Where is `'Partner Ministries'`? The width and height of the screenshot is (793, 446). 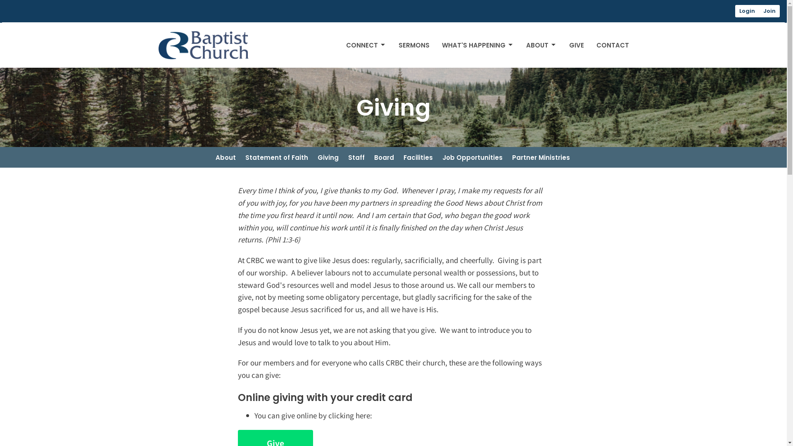 'Partner Ministries' is located at coordinates (541, 157).